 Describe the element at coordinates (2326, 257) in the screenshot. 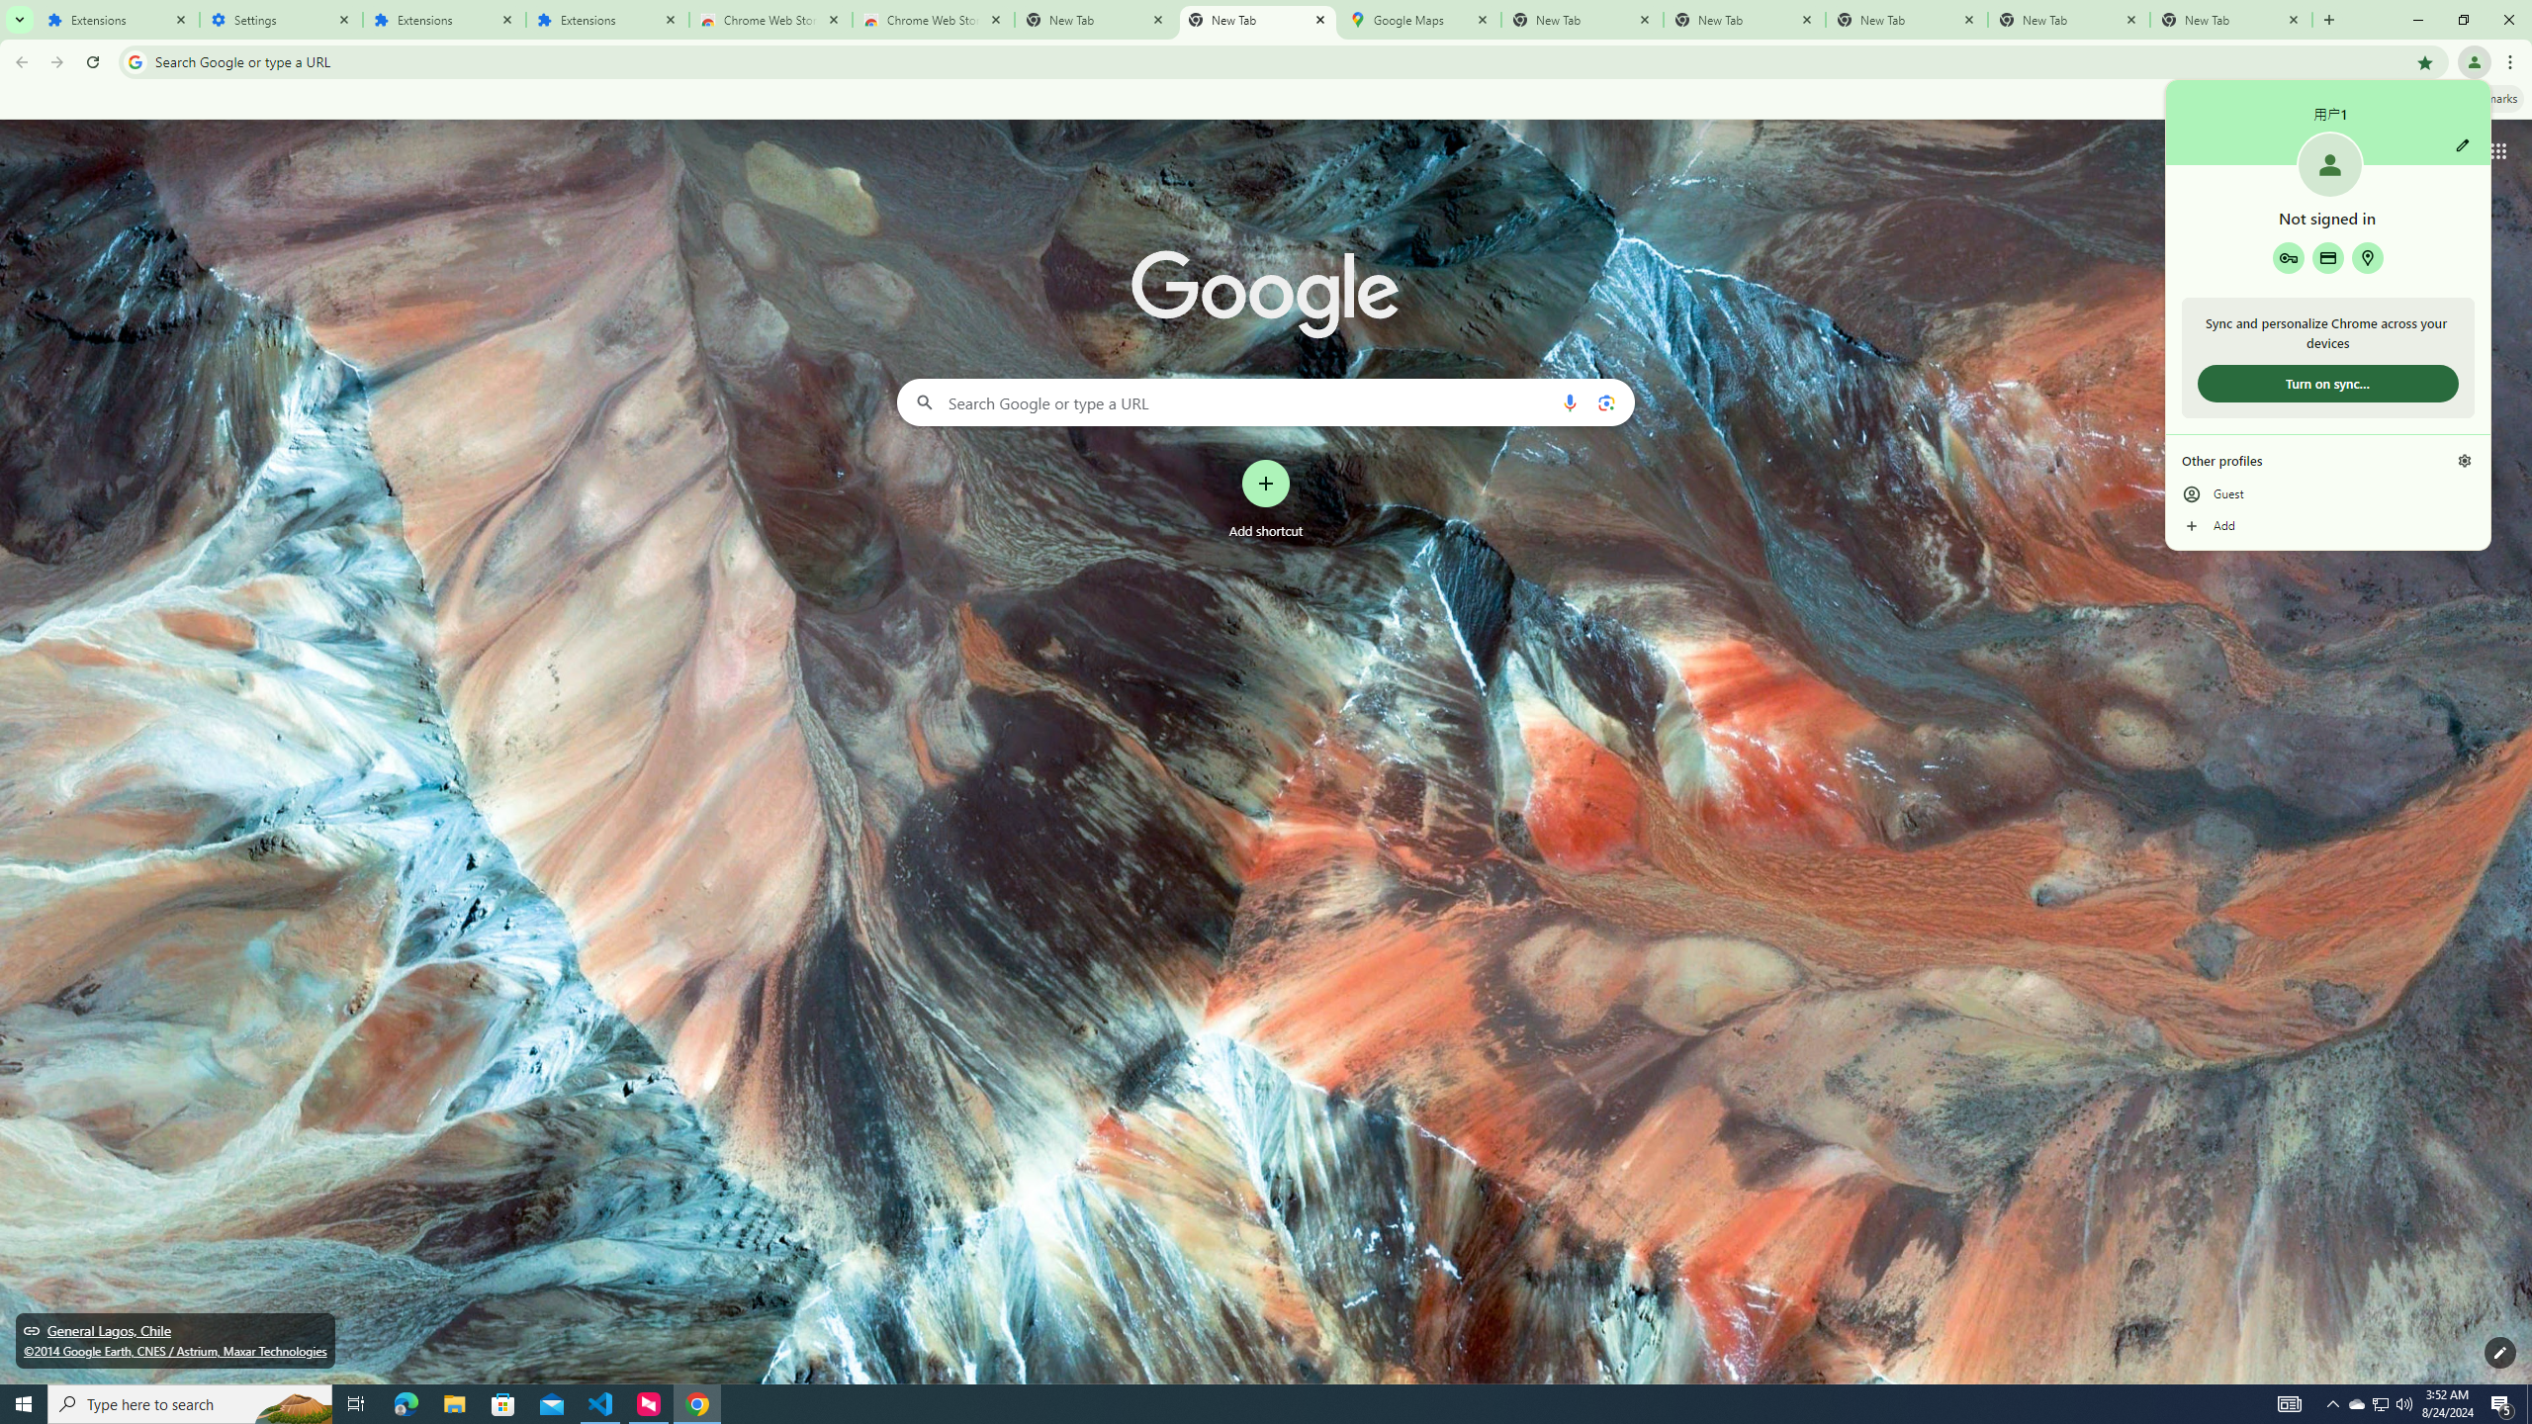

I see `'Payment methods'` at that location.